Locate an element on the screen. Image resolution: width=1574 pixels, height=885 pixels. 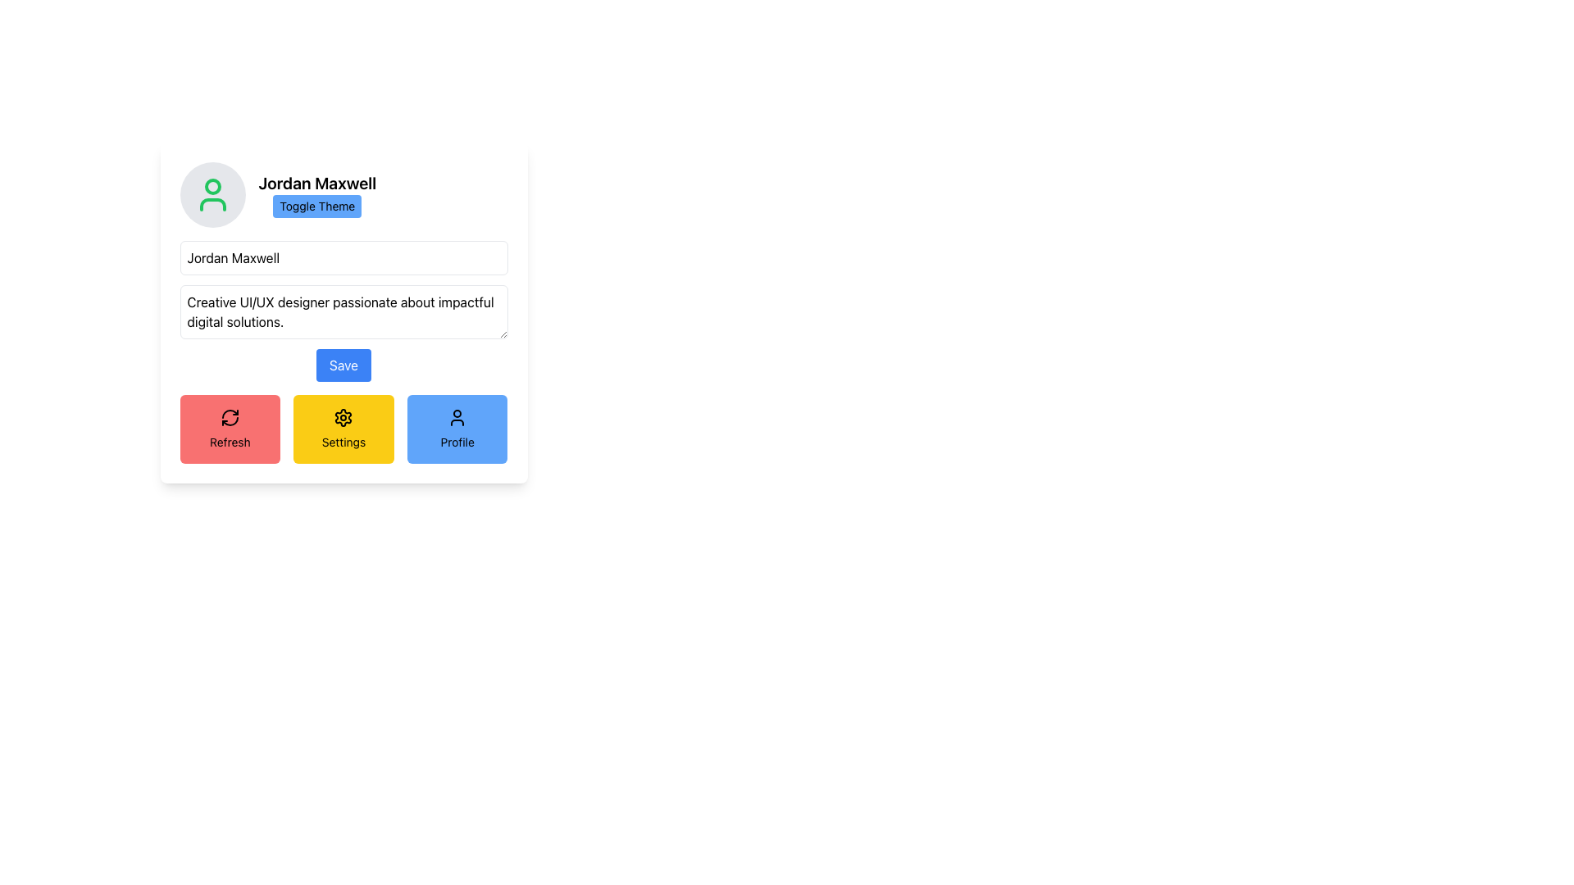
the refresh icon, which is a clockwise rotating arrow on a red circular background, located at the bottom-left of the interface is located at coordinates (229, 416).